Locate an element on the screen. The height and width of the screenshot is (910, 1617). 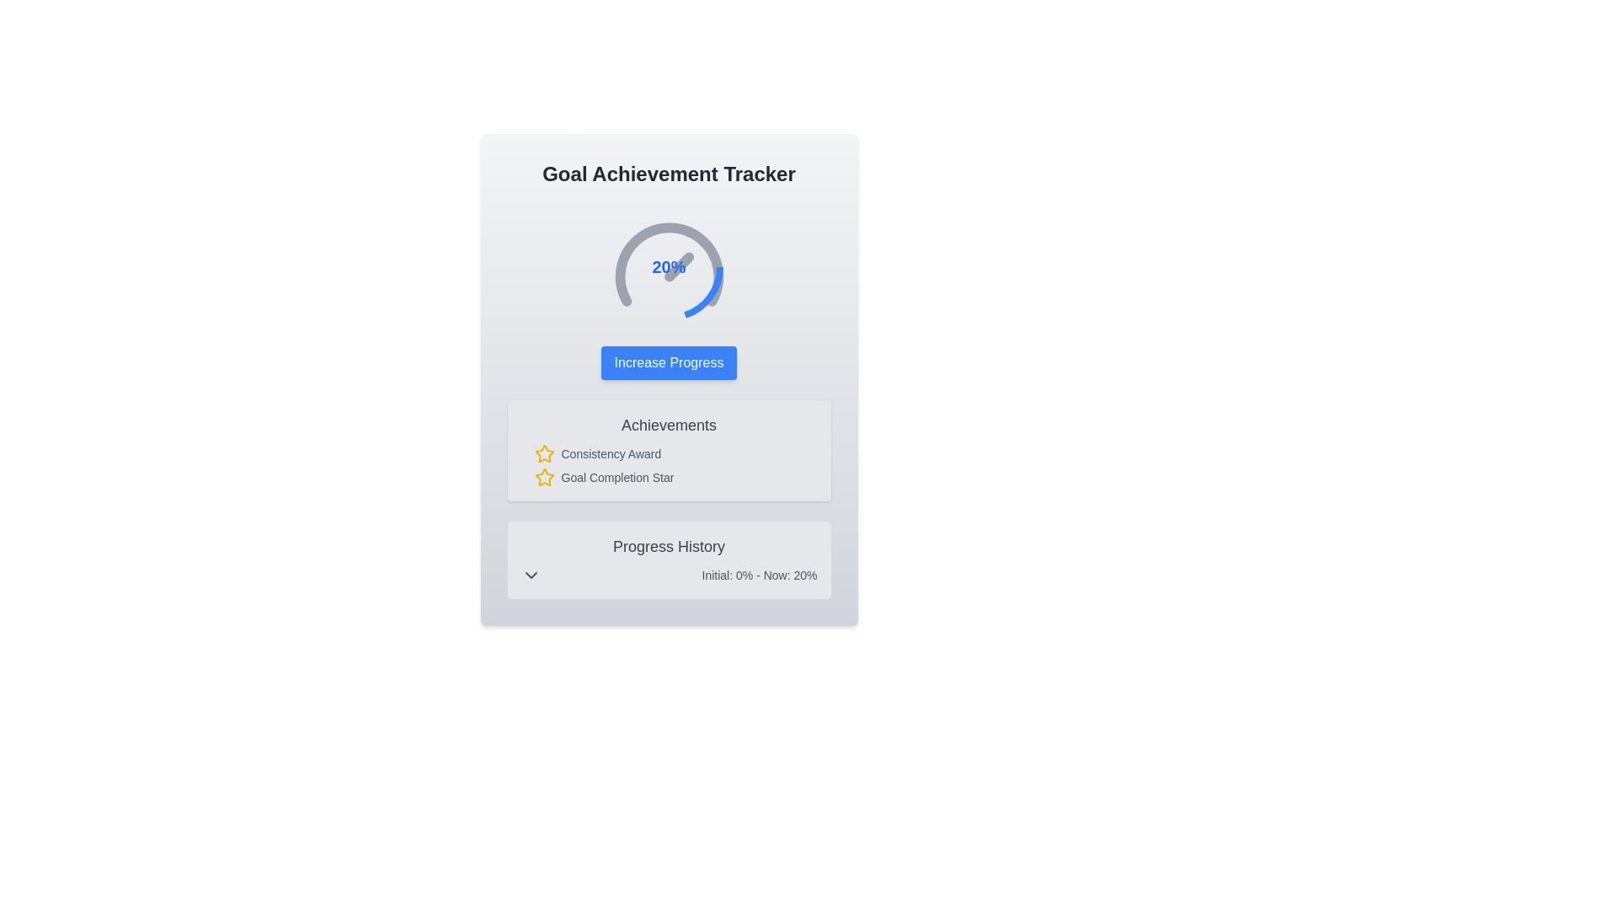
the star icon with a yellow outline and hollow center located in the 'Achievements' section, positioned to the left of the text 'Consistency Award' is located at coordinates (544, 477).